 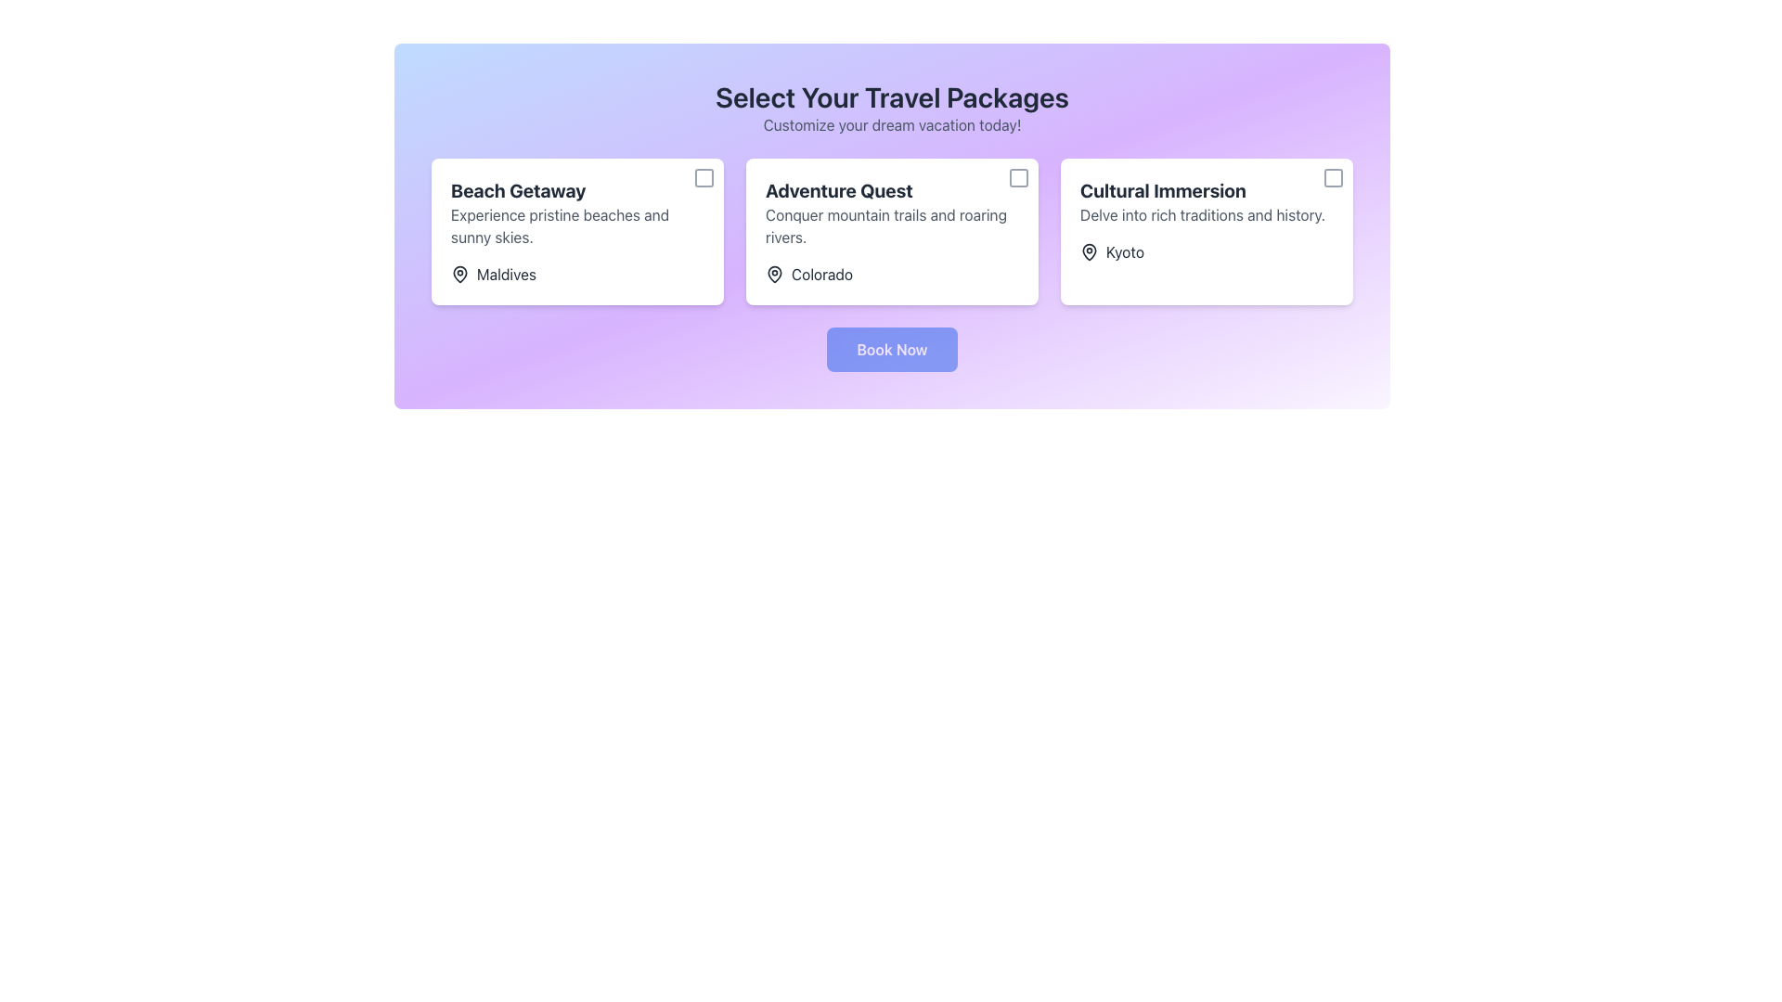 What do you see at coordinates (1112, 252) in the screenshot?
I see `the 'Kyoto' text element with a pin icon located in the 'Cultural Immersion' card` at bounding box center [1112, 252].